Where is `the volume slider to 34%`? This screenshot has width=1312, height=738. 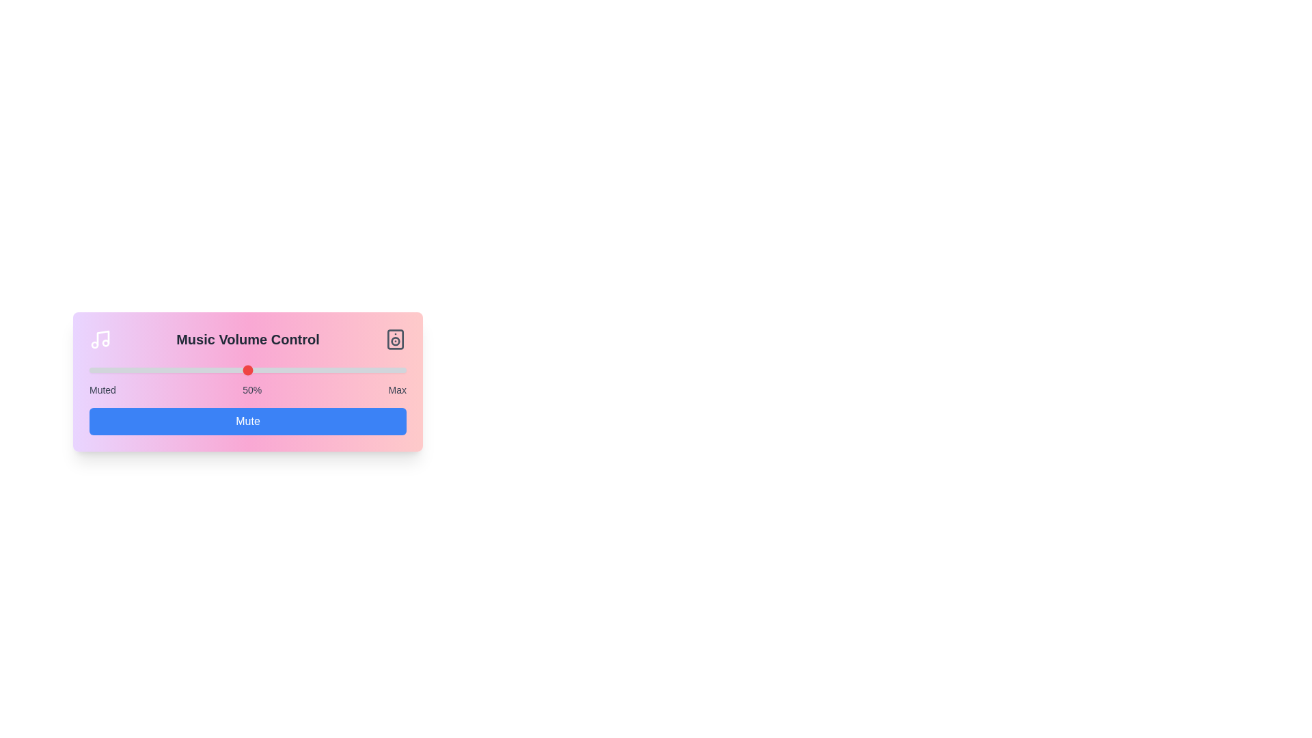 the volume slider to 34% is located at coordinates (196, 370).